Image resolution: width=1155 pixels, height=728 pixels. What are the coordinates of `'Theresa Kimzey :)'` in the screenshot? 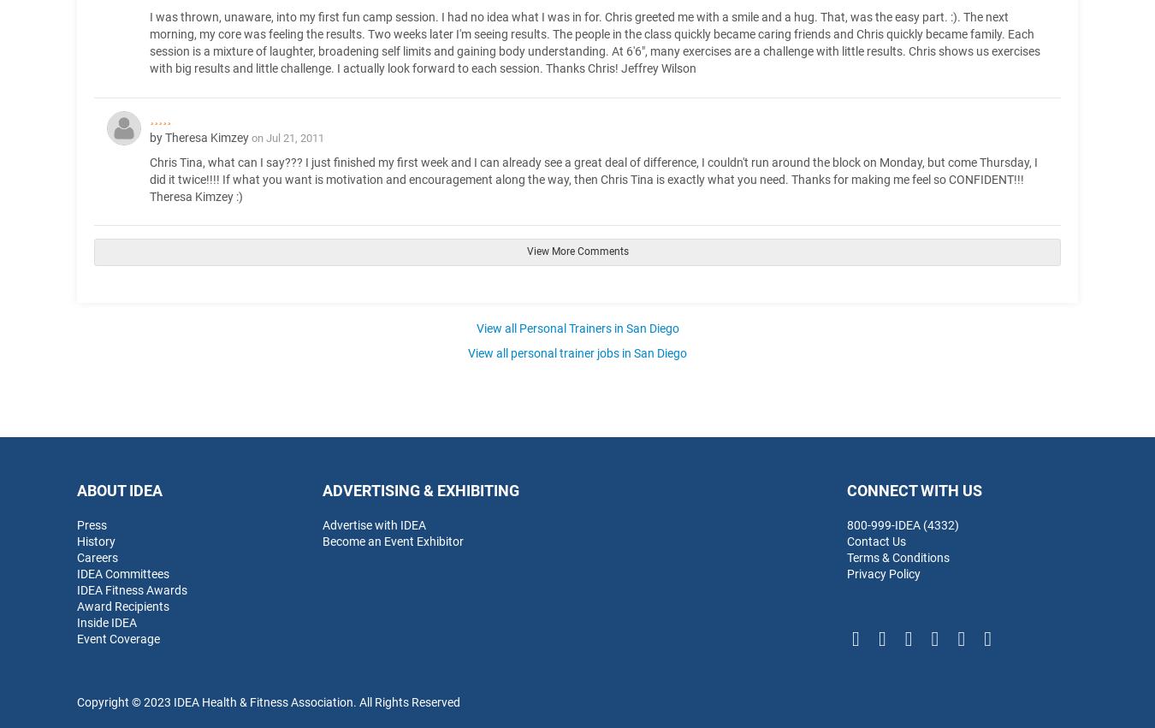 It's located at (149, 196).